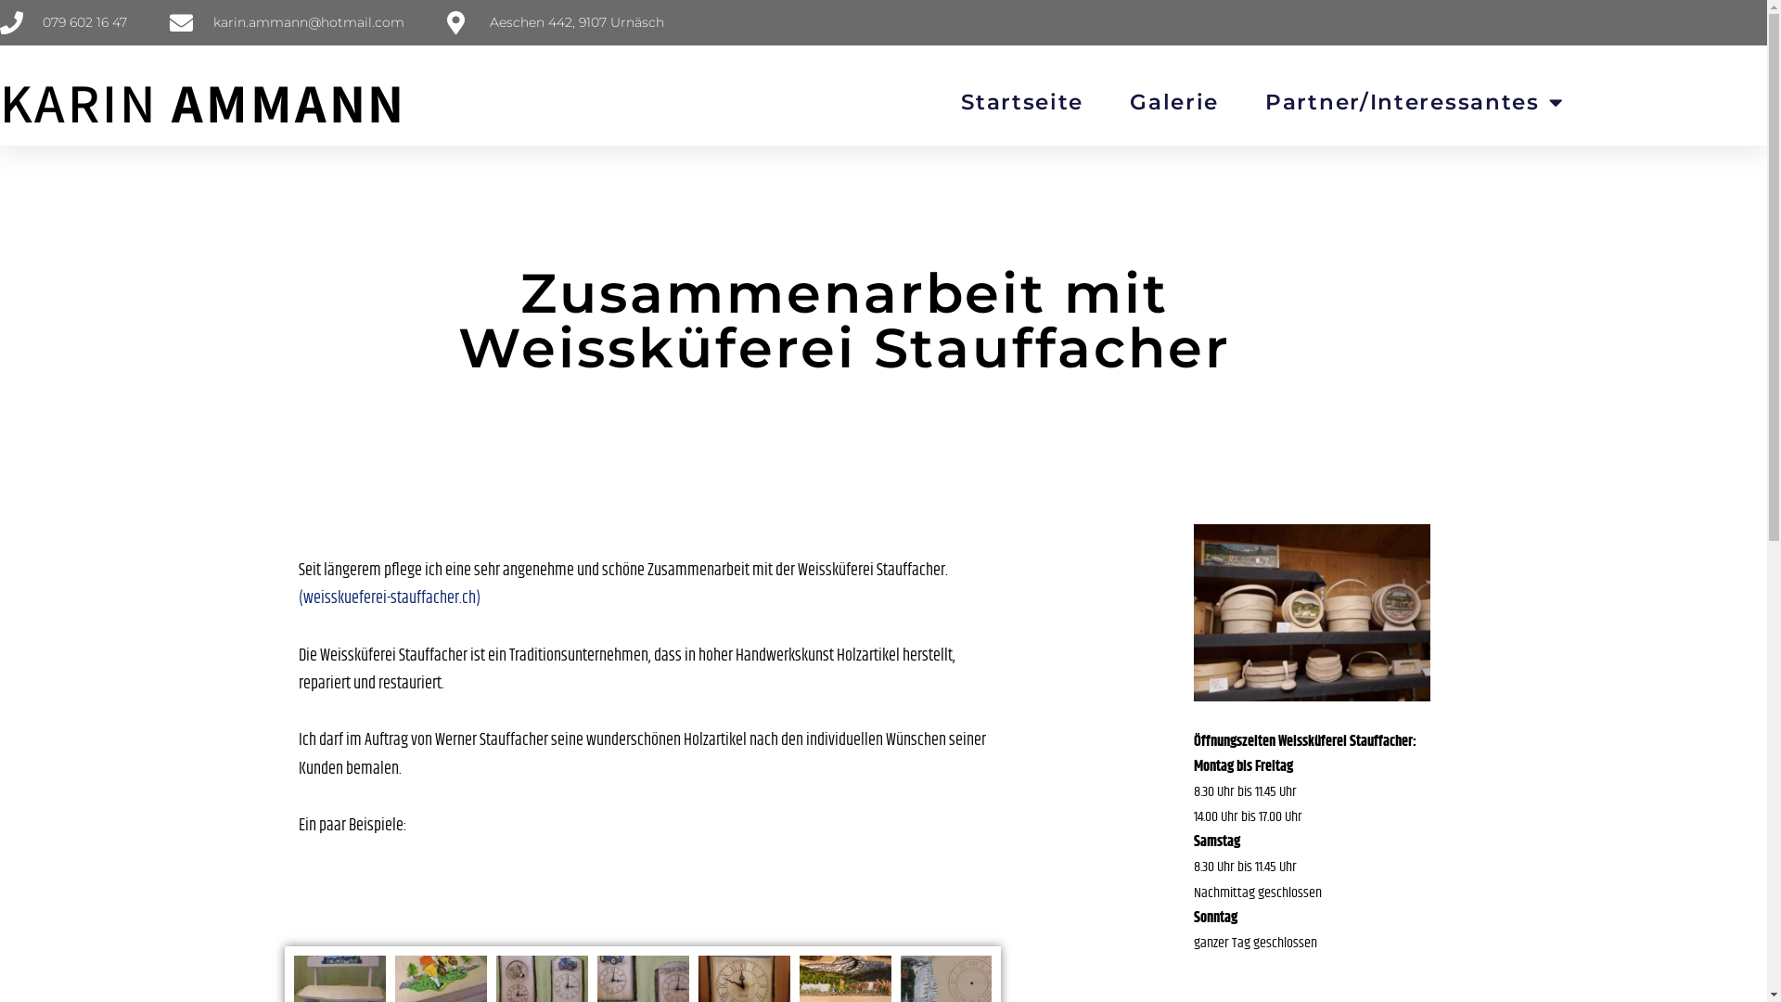  I want to click on 'karin.ammann@hotmail.com', so click(285, 22).